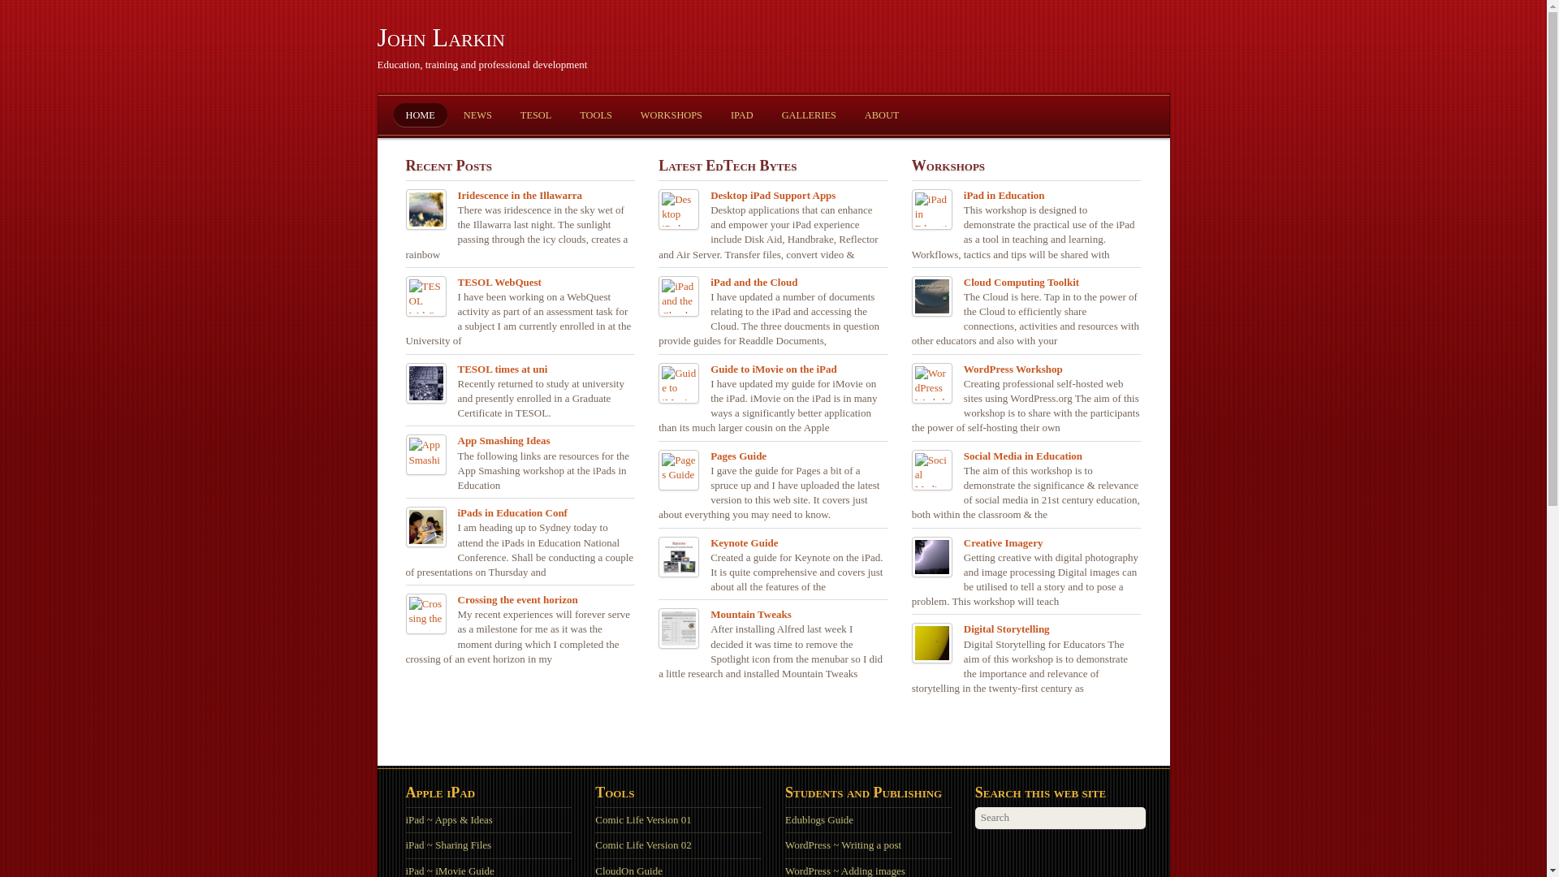  Describe the element at coordinates (477, 114) in the screenshot. I see `'NEWS'` at that location.